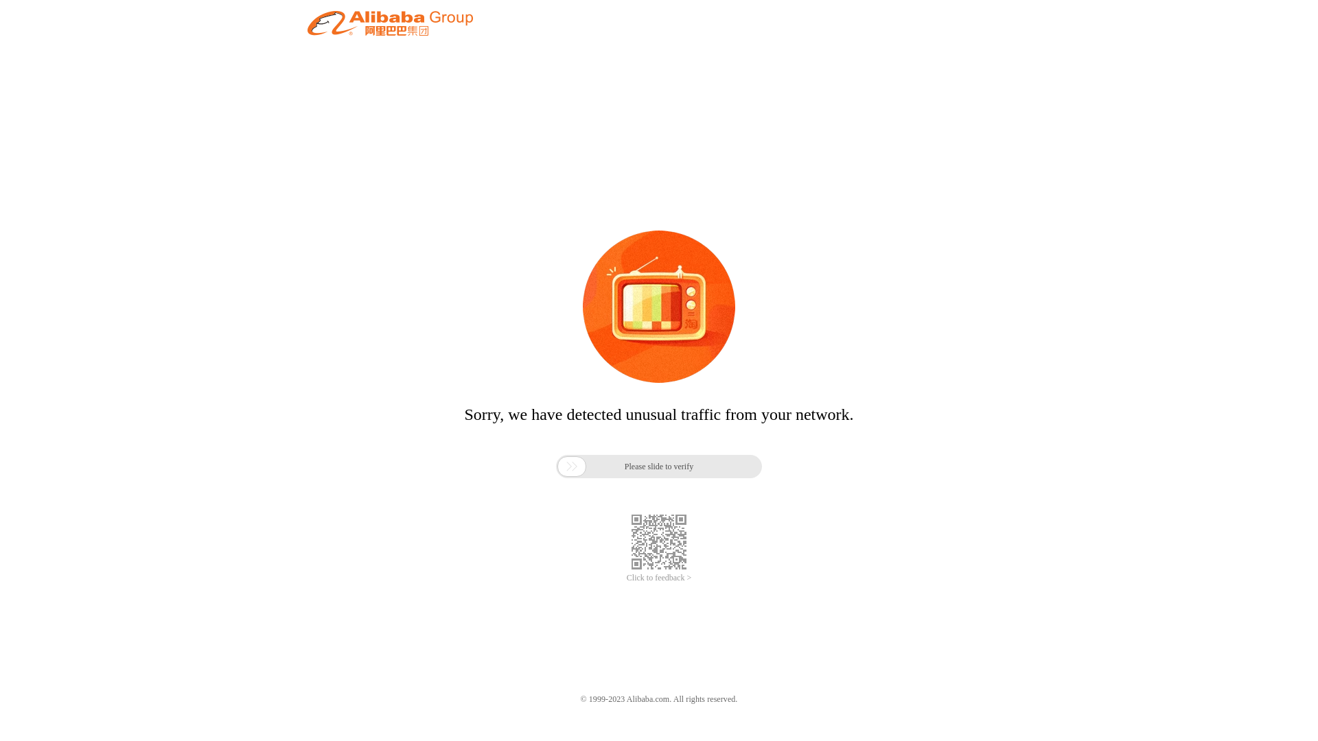 Image resolution: width=1318 pixels, height=741 pixels. Describe the element at coordinates (625, 578) in the screenshot. I see `'Click to feedback >'` at that location.